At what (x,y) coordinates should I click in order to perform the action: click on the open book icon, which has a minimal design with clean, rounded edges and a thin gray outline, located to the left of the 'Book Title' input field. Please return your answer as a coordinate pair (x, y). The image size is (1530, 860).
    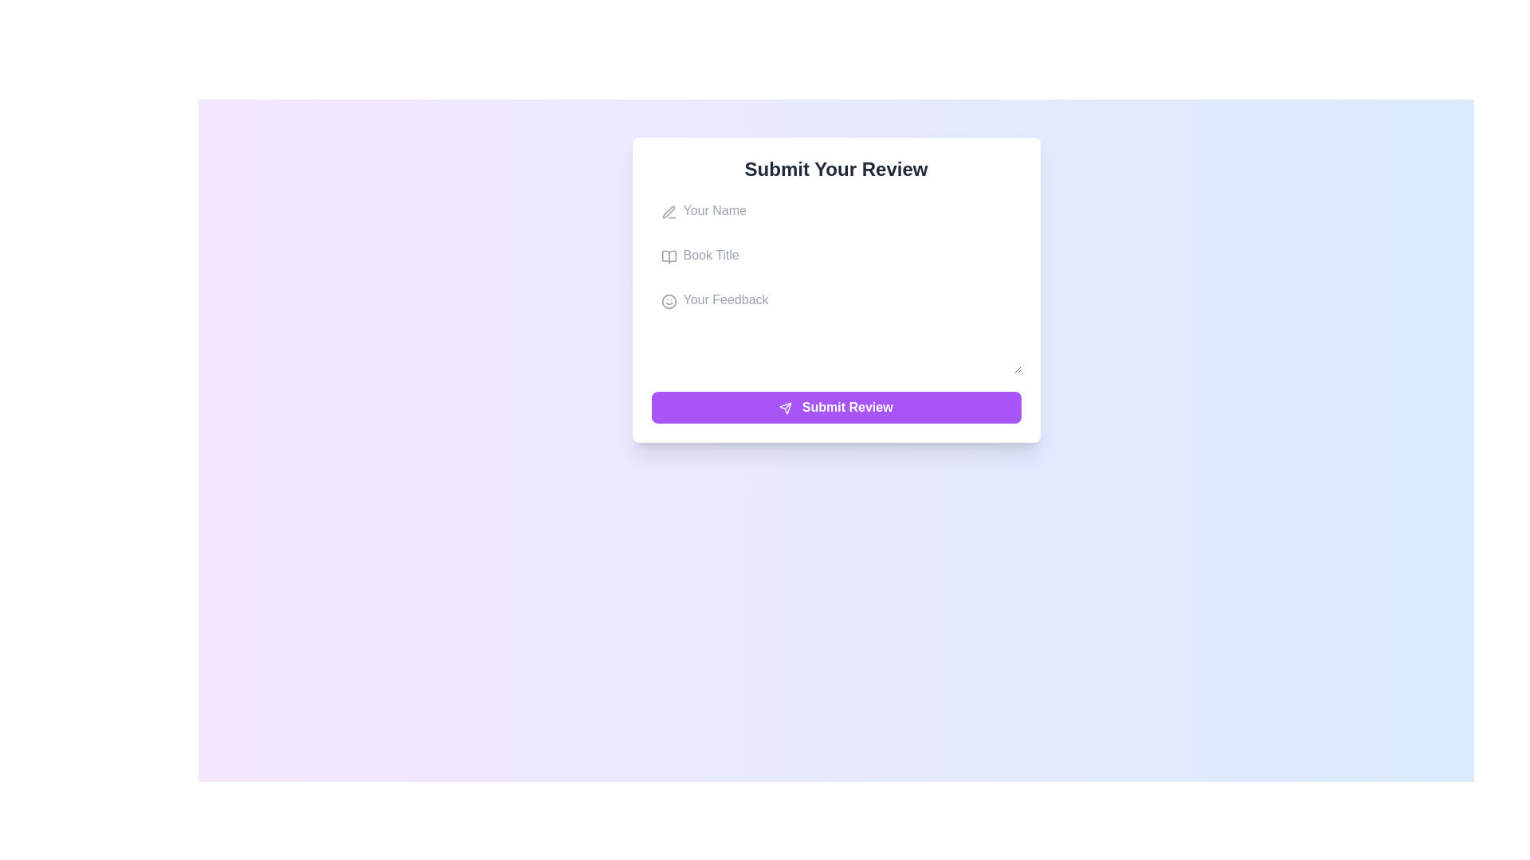
    Looking at the image, I should click on (669, 256).